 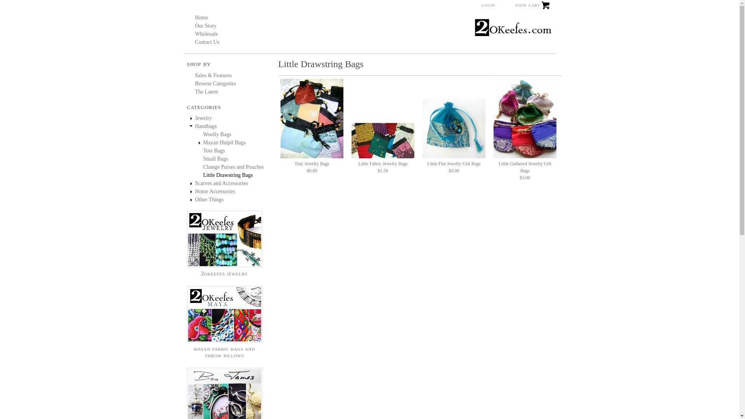 I want to click on 'Change Purses and Pouches', so click(x=233, y=166).